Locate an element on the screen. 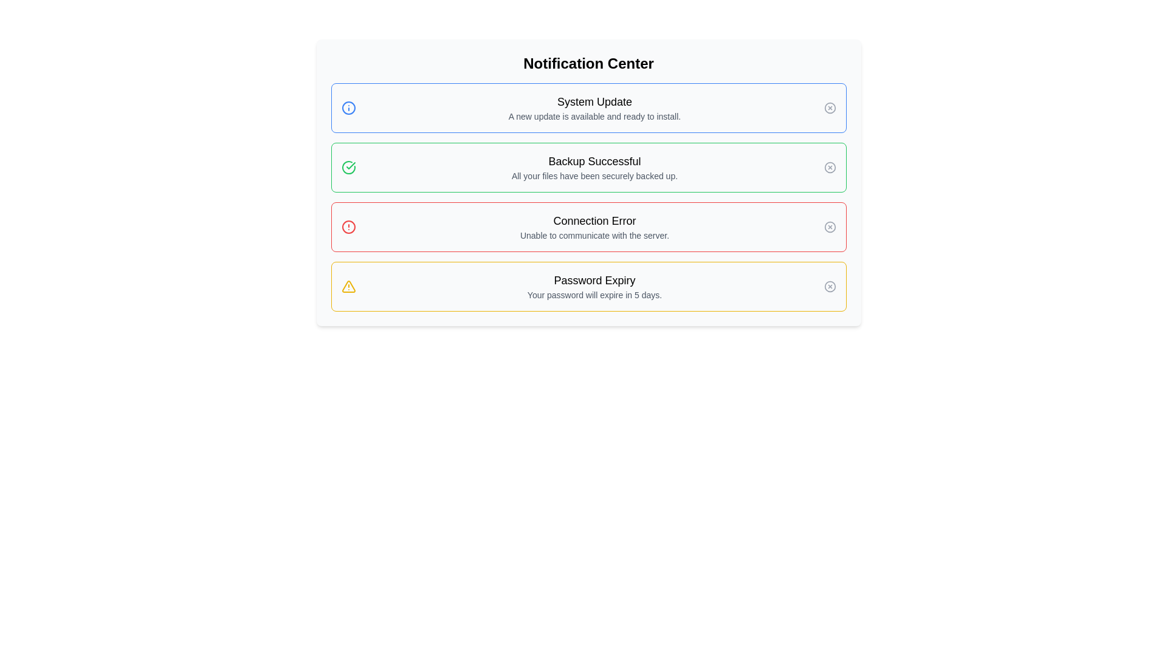 Image resolution: width=1167 pixels, height=656 pixels. the circular button with a gray outline and centered 'x' icon, located in the green-bordered notification box labeled 'Backup Successful' is located at coordinates (829, 168).